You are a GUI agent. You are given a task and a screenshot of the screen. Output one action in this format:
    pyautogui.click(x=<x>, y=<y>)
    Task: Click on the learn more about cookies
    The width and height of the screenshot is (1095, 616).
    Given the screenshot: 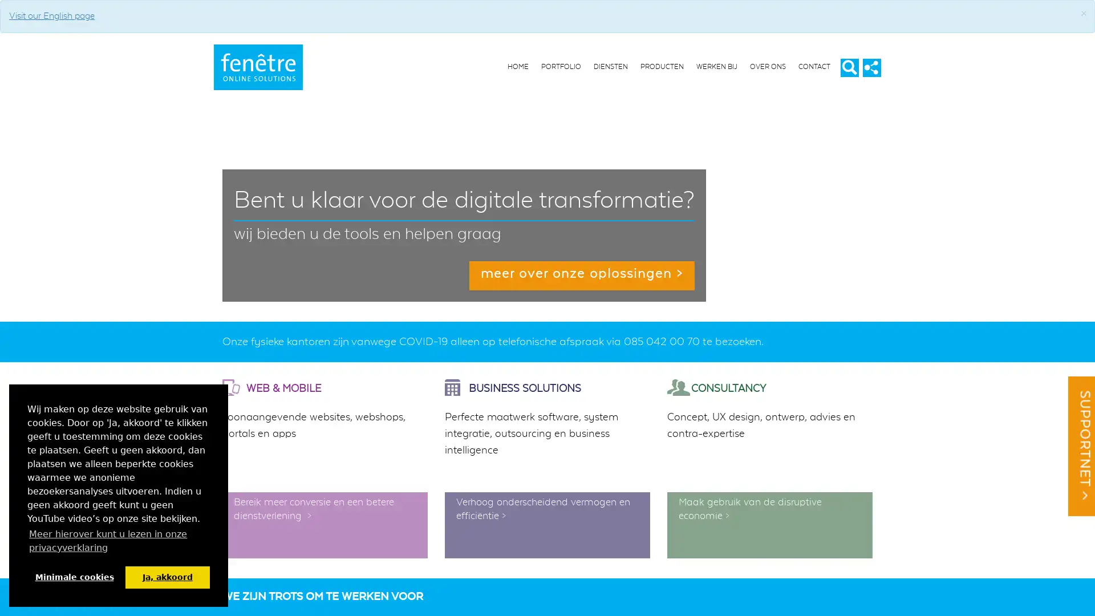 What is the action you would take?
    pyautogui.click(x=118, y=540)
    